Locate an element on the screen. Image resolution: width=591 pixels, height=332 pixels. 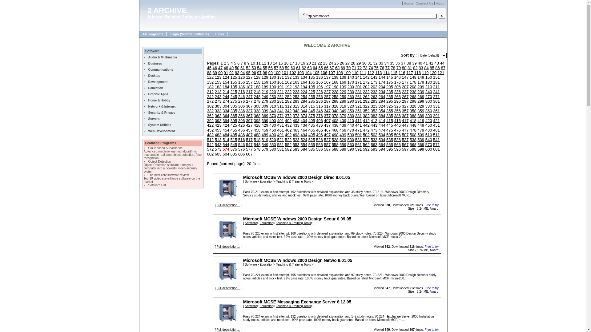
'446' is located at coordinates (397, 125).